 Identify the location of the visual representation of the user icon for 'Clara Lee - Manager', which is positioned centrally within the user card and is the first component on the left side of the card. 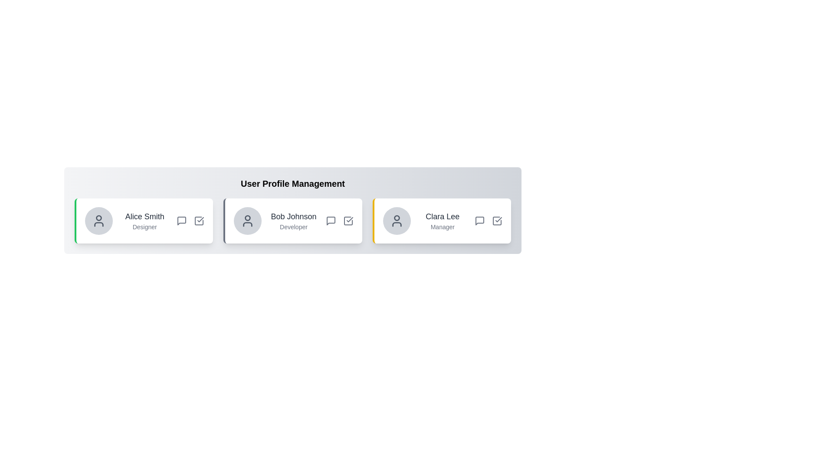
(396, 220).